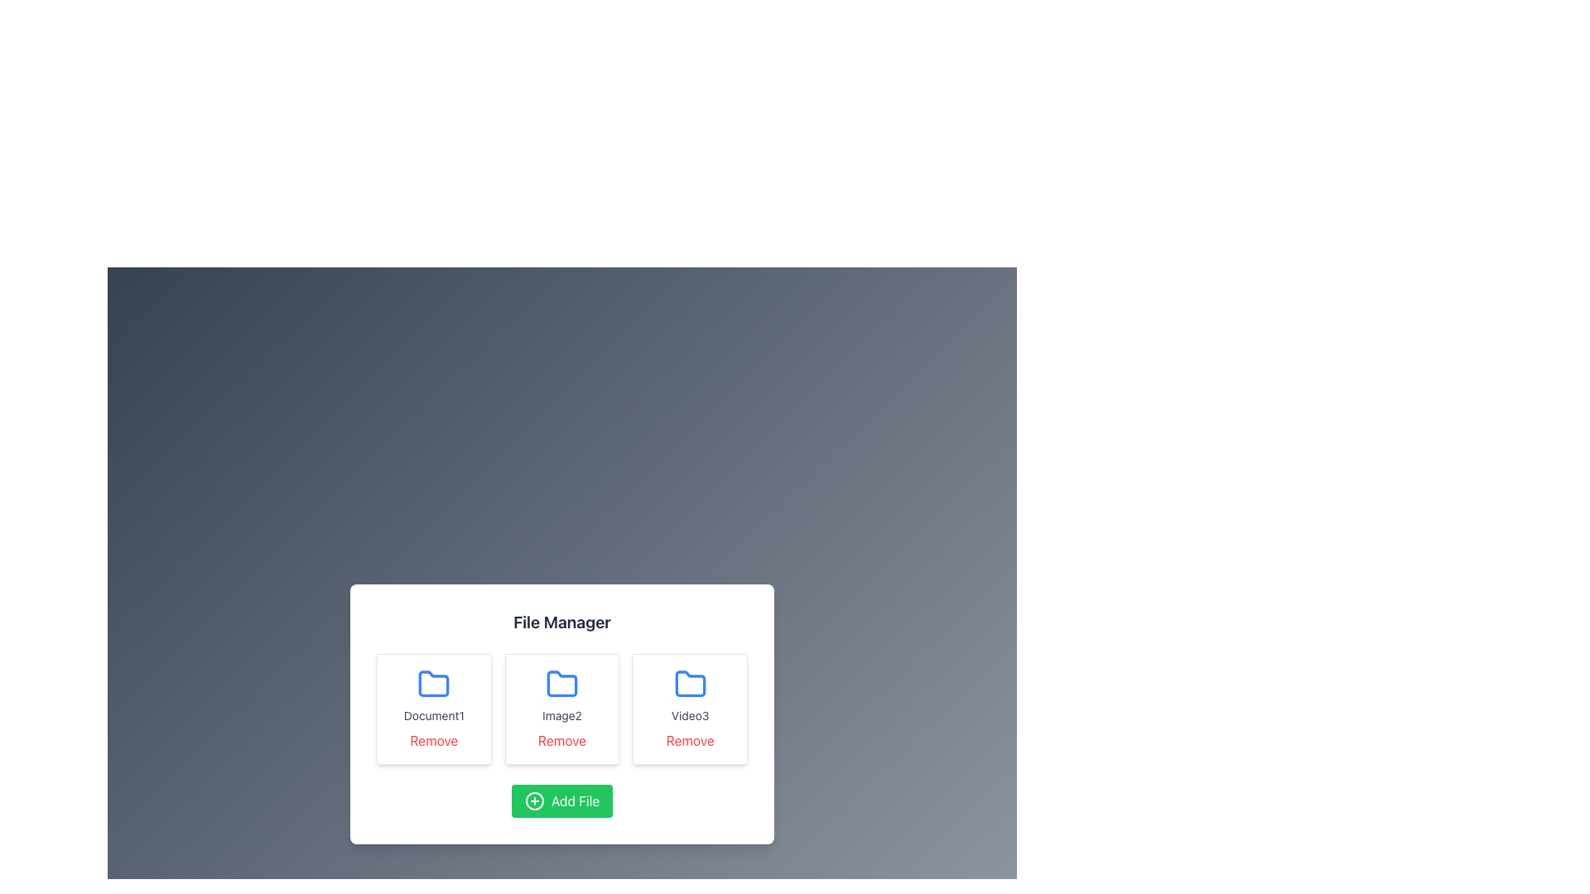 This screenshot has height=894, width=1590. What do you see at coordinates (561, 739) in the screenshot?
I see `the remove button located directly below the 'Image2' text component` at bounding box center [561, 739].